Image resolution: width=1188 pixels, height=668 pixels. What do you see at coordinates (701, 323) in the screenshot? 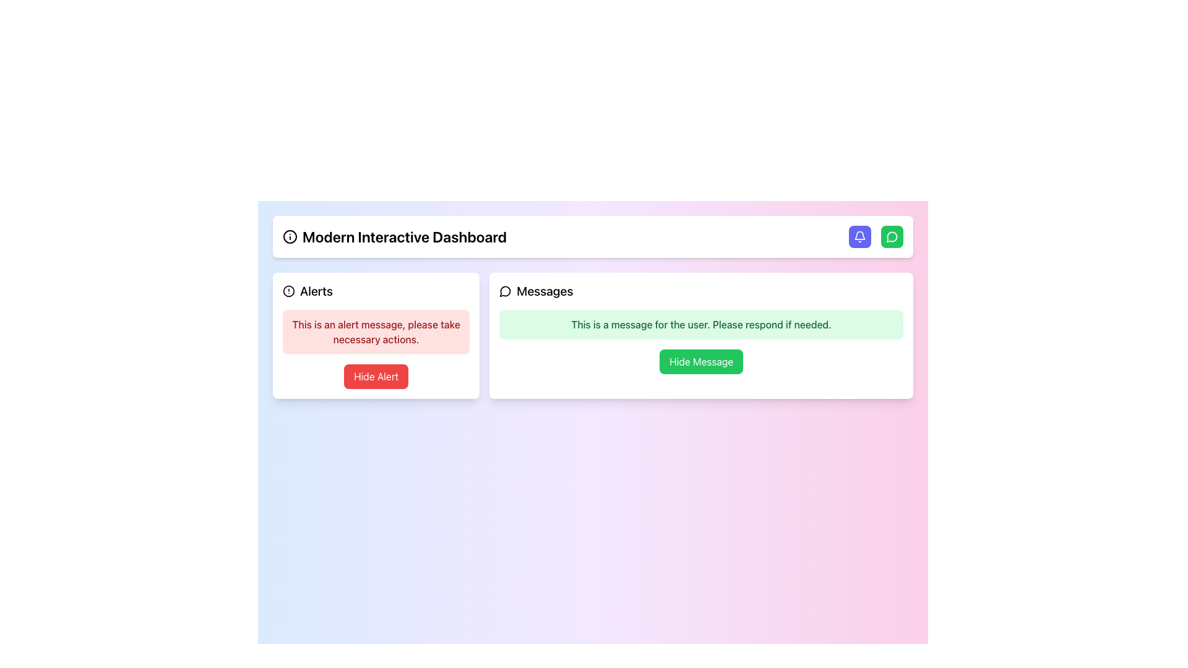
I see `the Informational Notification Banner that displays the message 'This is a message for the user. Please respond if needed.' which is located within the 'Messages' card component, below the heading 'Messages' and above the 'Hide Message' button` at bounding box center [701, 323].